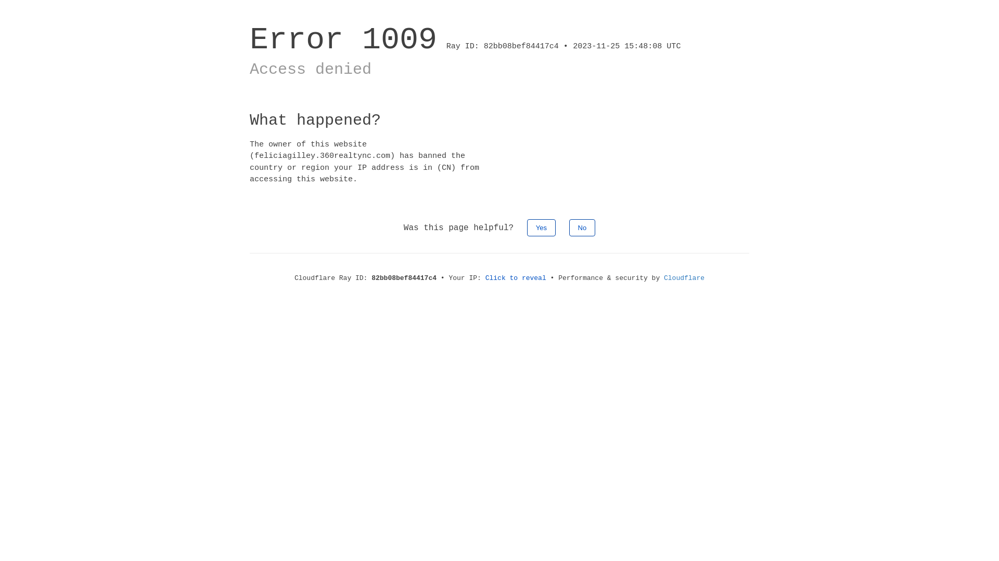 This screenshot has height=561, width=999. I want to click on 'Cloudflare', so click(663, 277).